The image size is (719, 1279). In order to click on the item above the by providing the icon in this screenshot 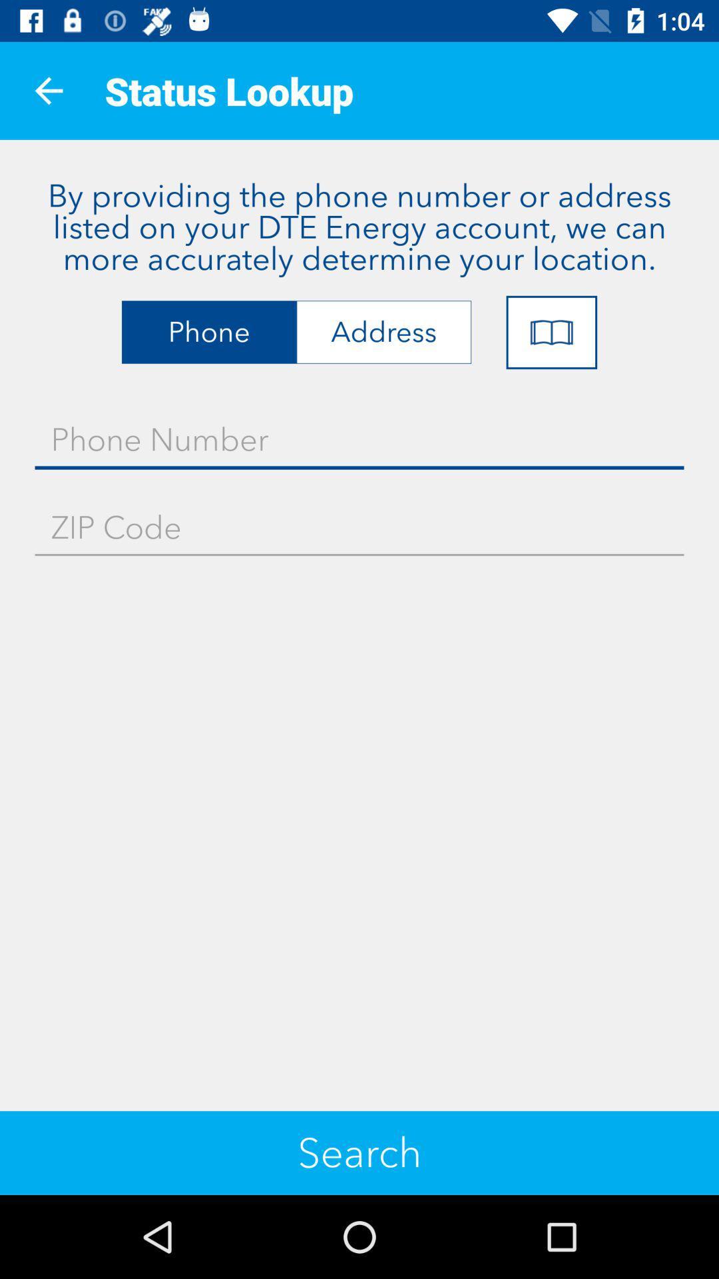, I will do `click(48, 90)`.